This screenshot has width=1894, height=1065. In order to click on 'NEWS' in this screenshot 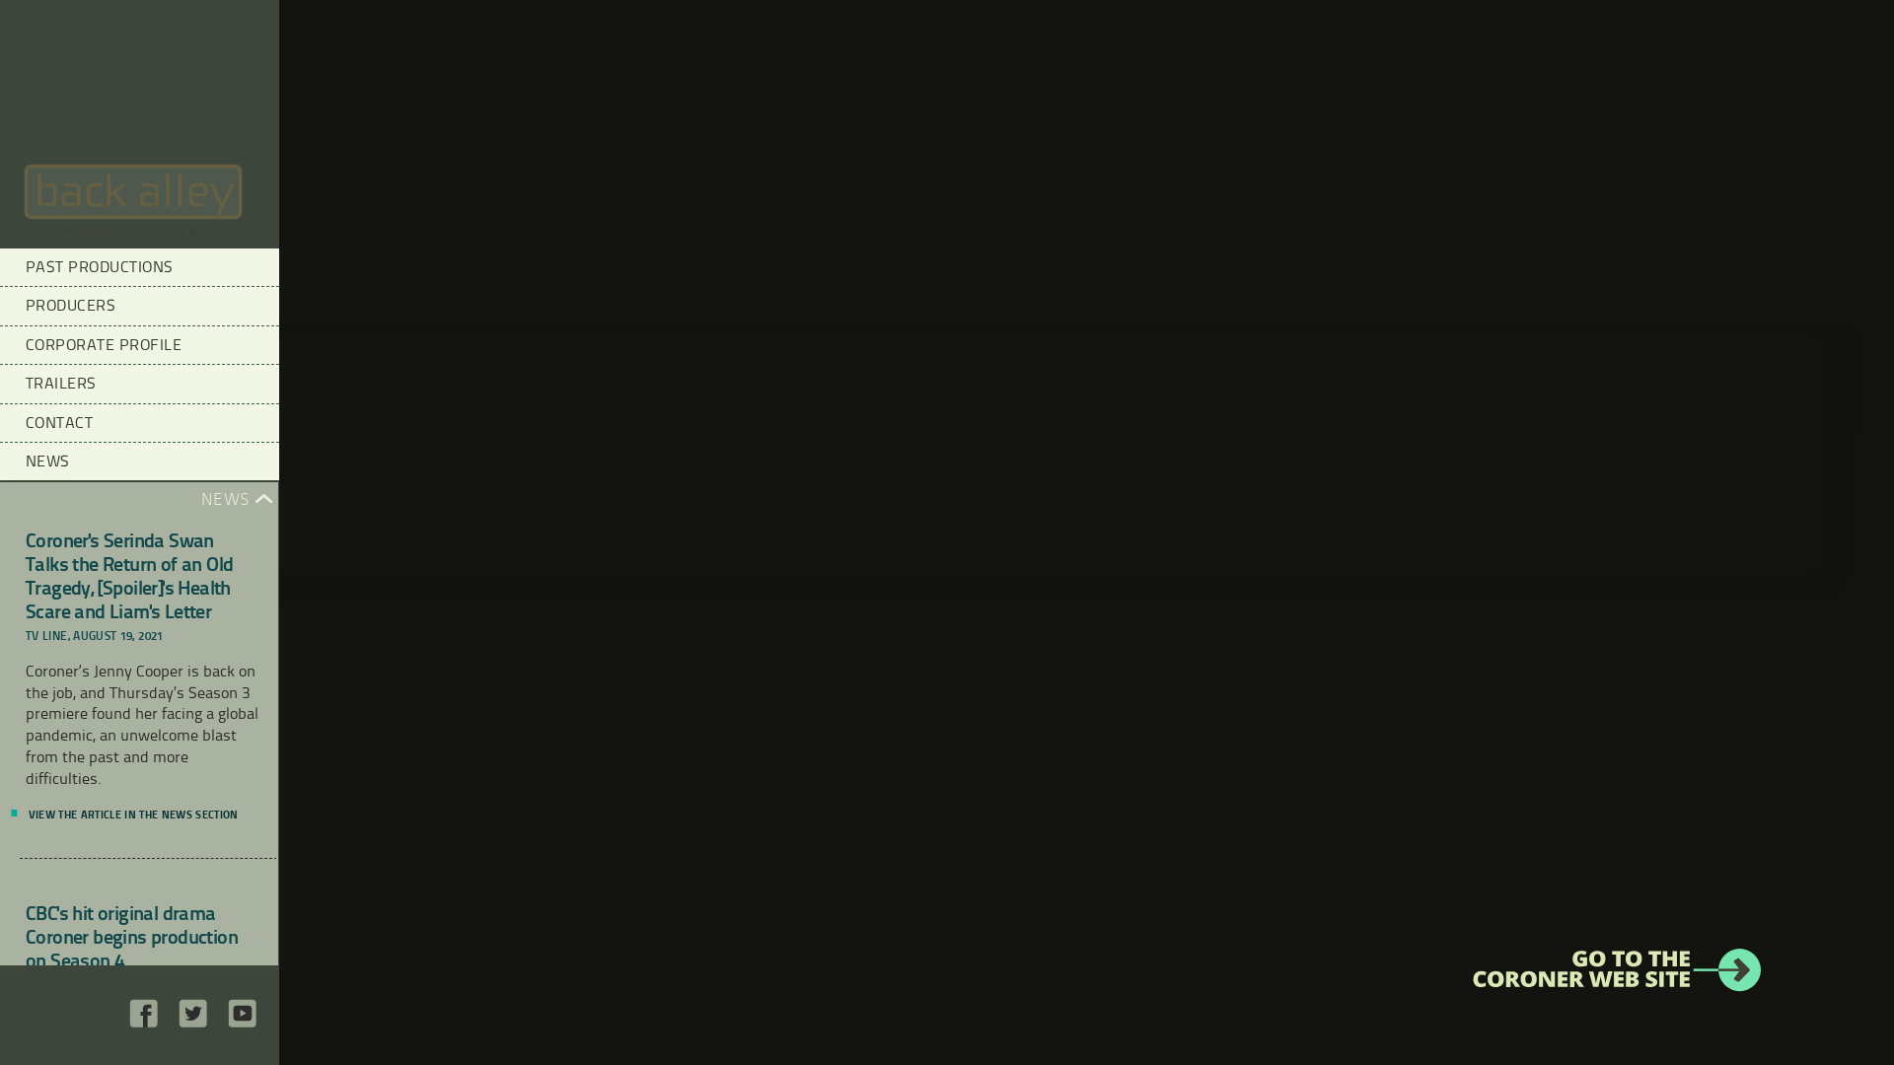, I will do `click(138, 461)`.